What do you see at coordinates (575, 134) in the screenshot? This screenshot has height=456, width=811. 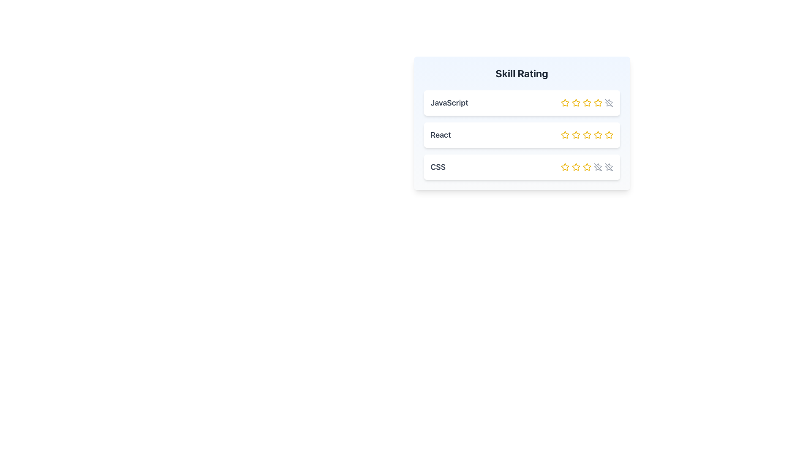 I see `the second star icon in the rating row for the 'React' skill` at bounding box center [575, 134].